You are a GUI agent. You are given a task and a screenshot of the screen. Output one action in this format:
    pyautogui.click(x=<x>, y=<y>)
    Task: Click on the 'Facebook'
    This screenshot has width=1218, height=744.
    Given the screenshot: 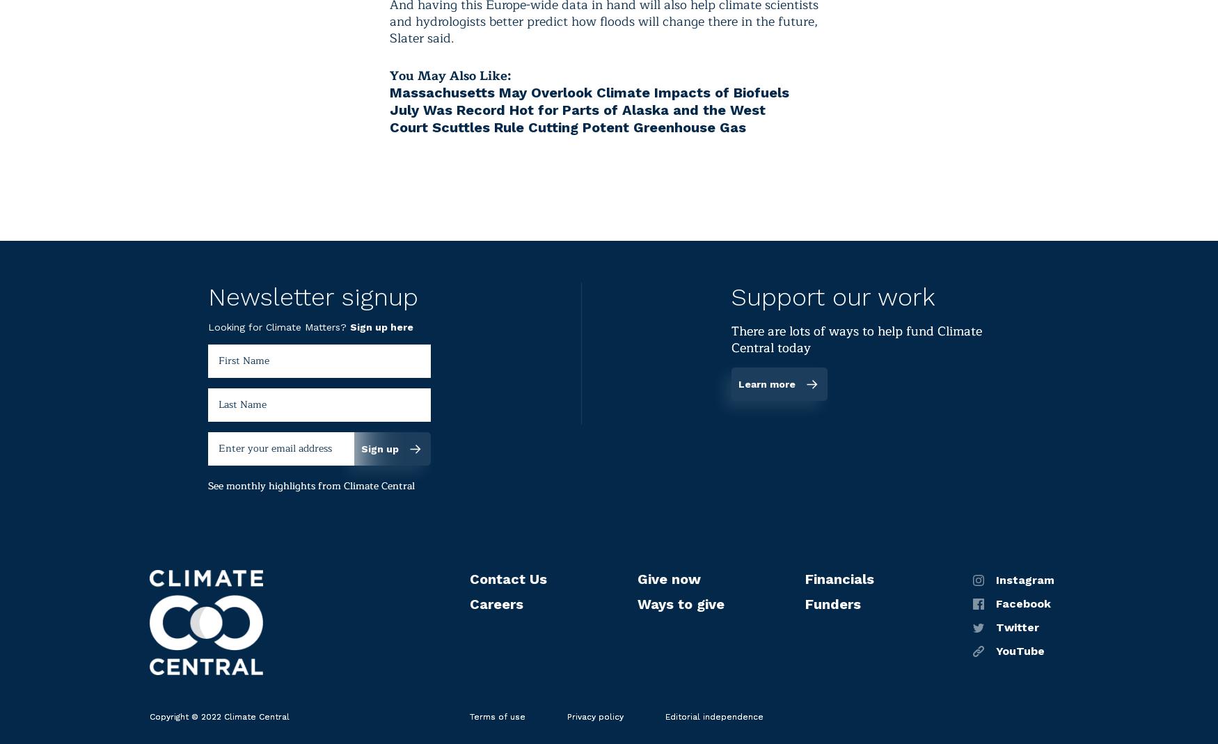 What is the action you would take?
    pyautogui.click(x=995, y=602)
    